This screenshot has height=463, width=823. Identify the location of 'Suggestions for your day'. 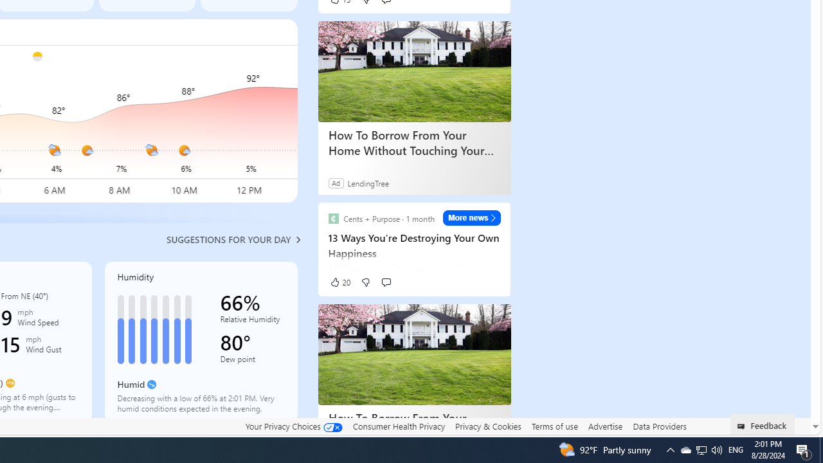
(228, 239).